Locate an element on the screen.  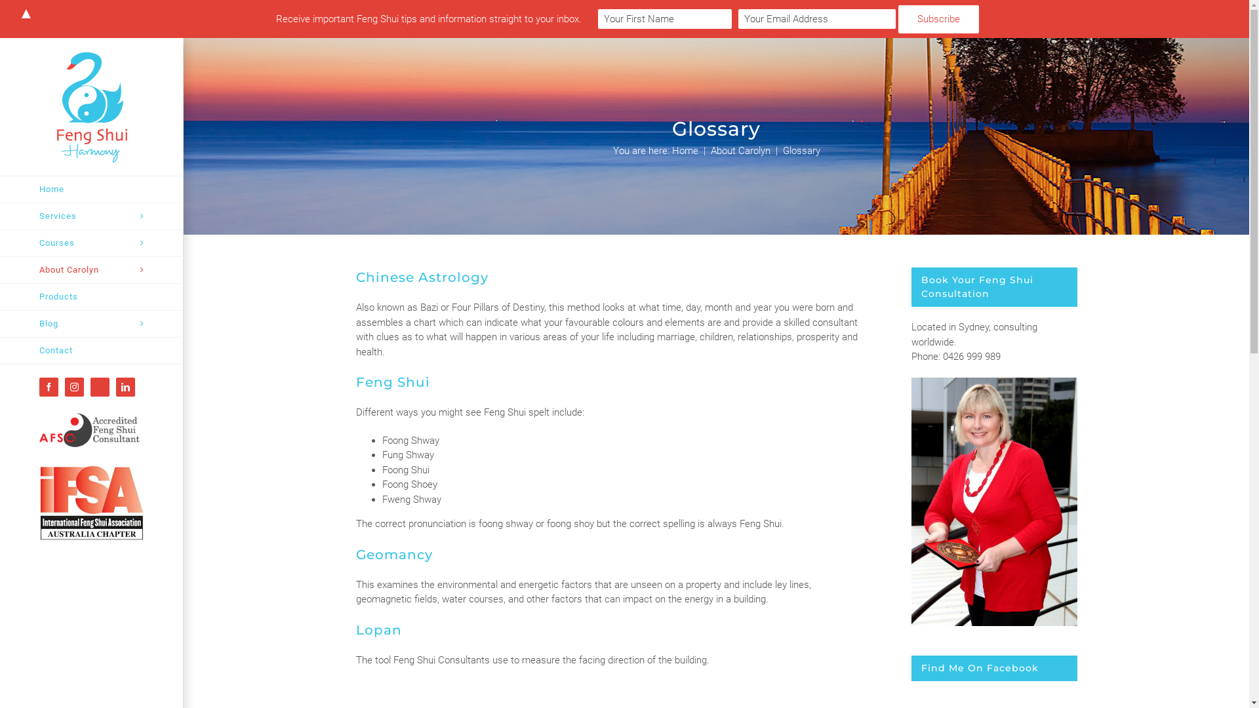
'Facebook' is located at coordinates (39, 386).